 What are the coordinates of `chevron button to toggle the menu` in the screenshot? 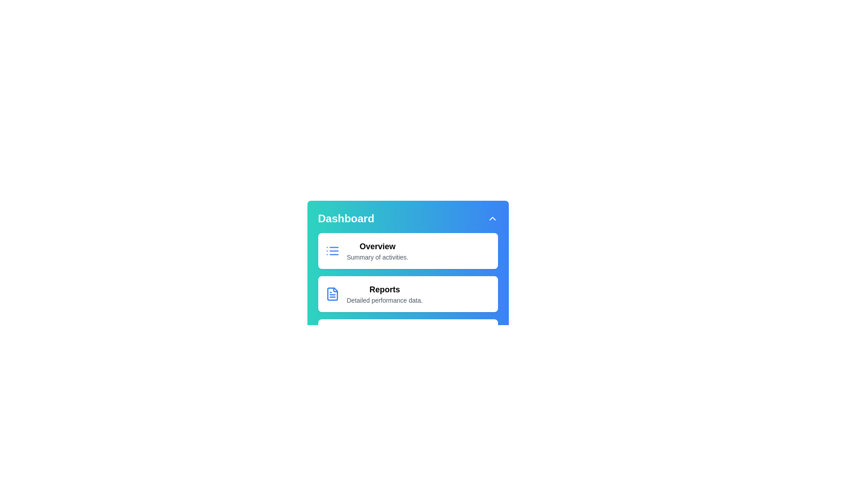 It's located at (492, 218).